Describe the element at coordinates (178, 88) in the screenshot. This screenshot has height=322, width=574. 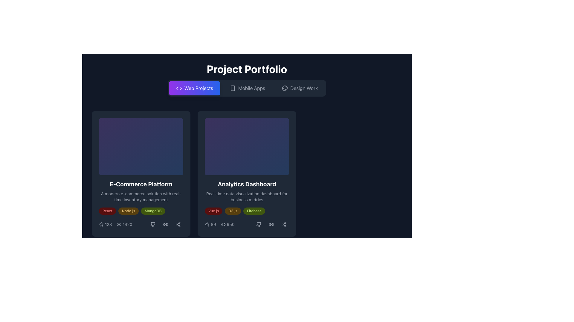
I see `the small coding or arrow symbol icon that is positioned to the left of the 'Web Projects' button` at that location.